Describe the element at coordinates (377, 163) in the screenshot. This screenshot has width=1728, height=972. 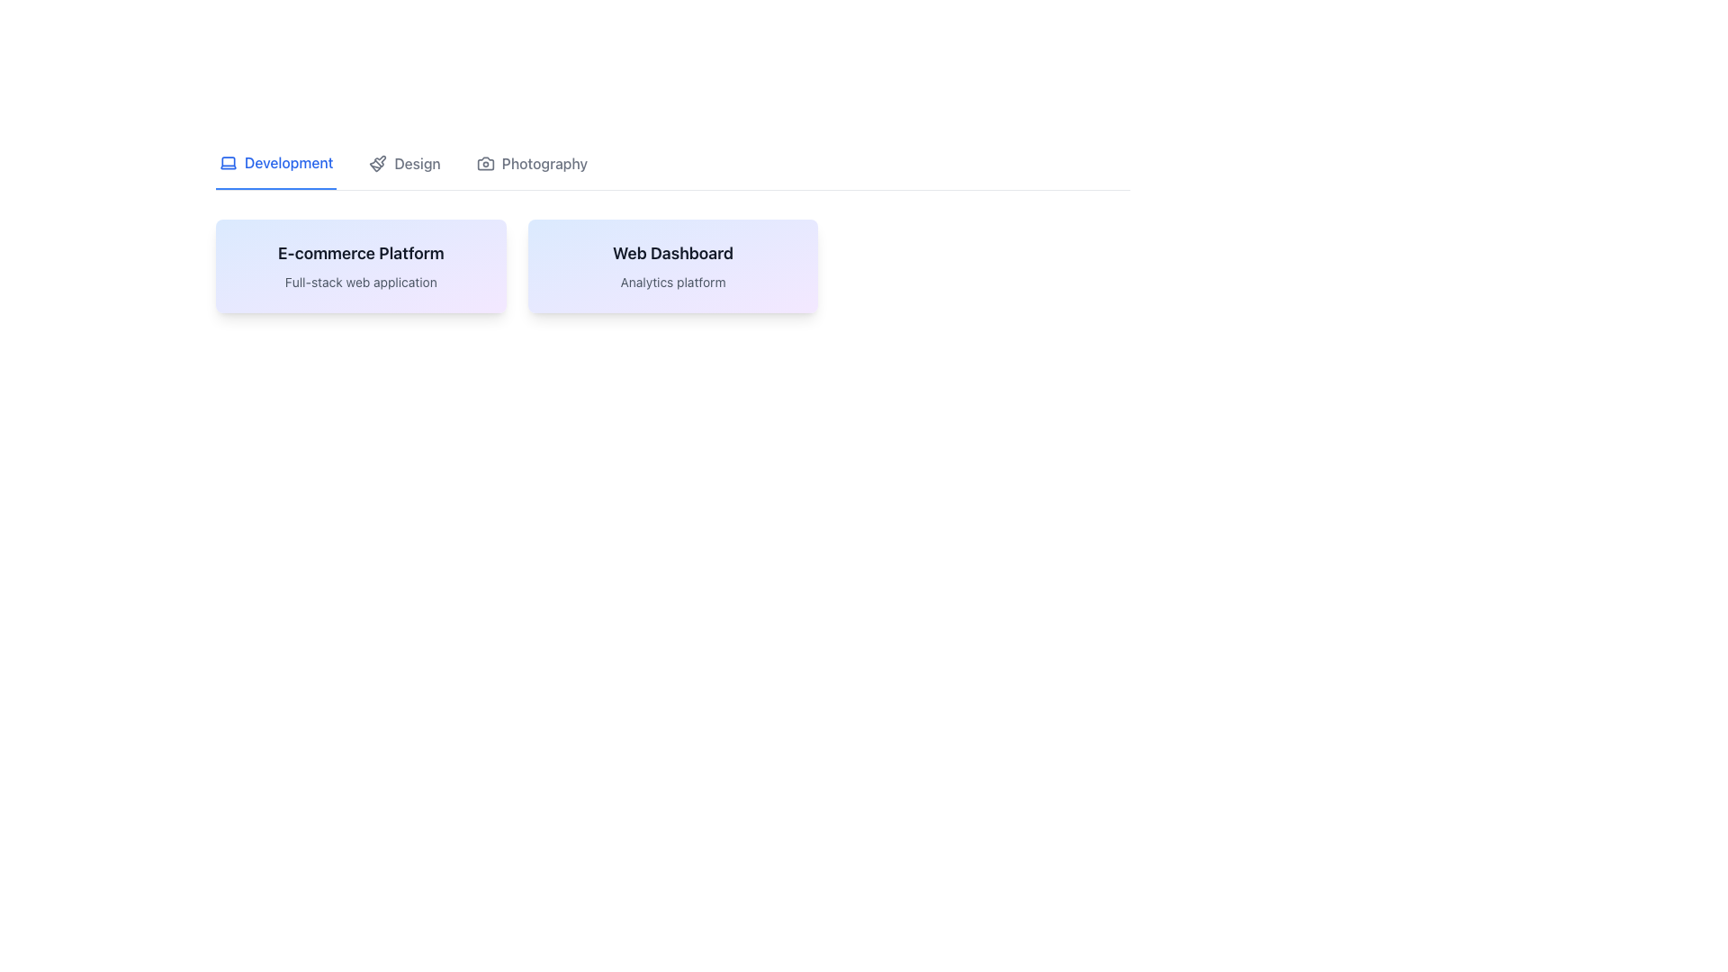
I see `the SVG paintbrush icon located in the 'Design' navigation tab, which is positioned to the left of the 'Design' label` at that location.